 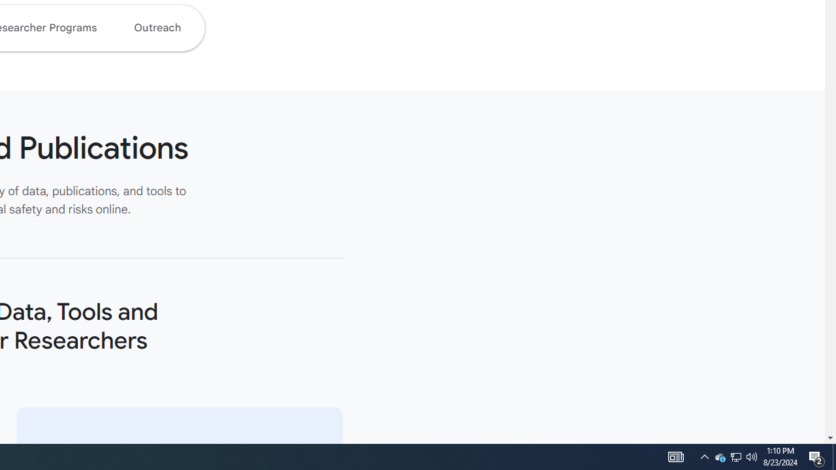 I want to click on 'Outreach', so click(x=157, y=27).